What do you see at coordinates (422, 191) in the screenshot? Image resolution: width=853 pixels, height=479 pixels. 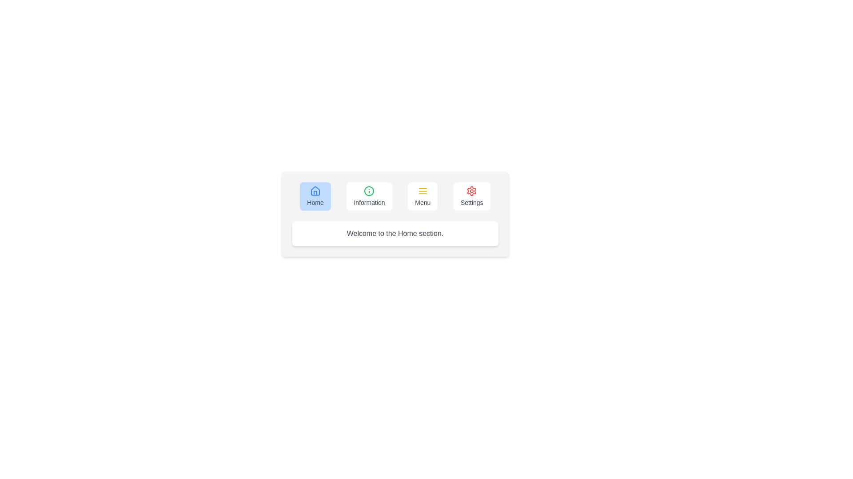 I see `the 'Menu' icon, which features three horizontal yellow lines and is located within a rectangular button` at bounding box center [422, 191].